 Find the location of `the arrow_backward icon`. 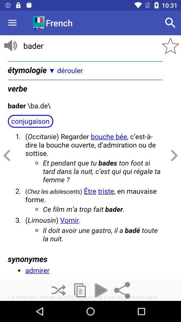

the arrow_backward icon is located at coordinates (7, 156).